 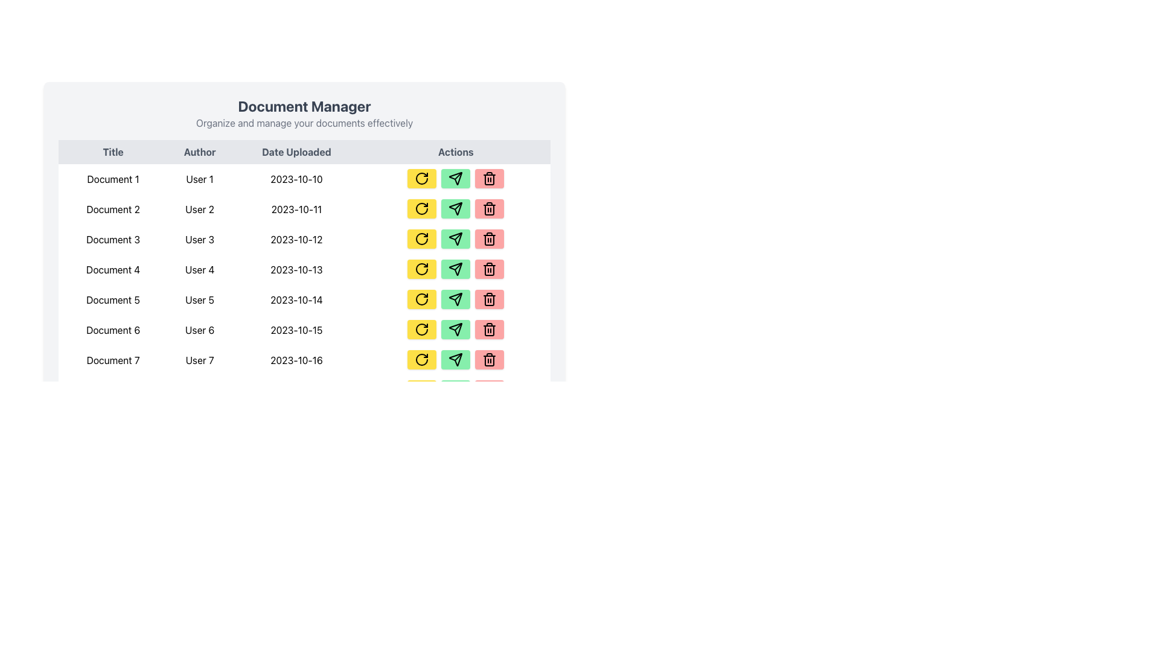 I want to click on the 'Refresh' icon located within the yellow background button in the 'Actions' column for the fourth row corresponding to 'Document 4.', so click(x=422, y=269).